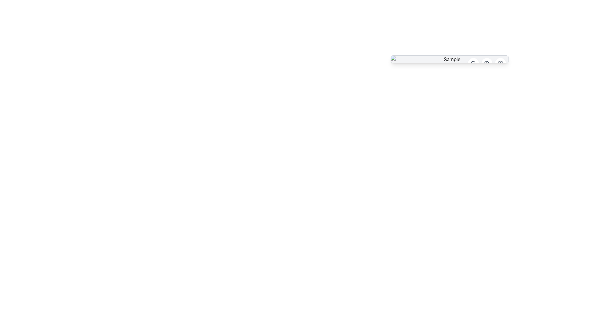 The height and width of the screenshot is (332, 591). What do you see at coordinates (501, 64) in the screenshot?
I see `the circular icon with a white background and an inner information symbol ('i') in gray` at bounding box center [501, 64].